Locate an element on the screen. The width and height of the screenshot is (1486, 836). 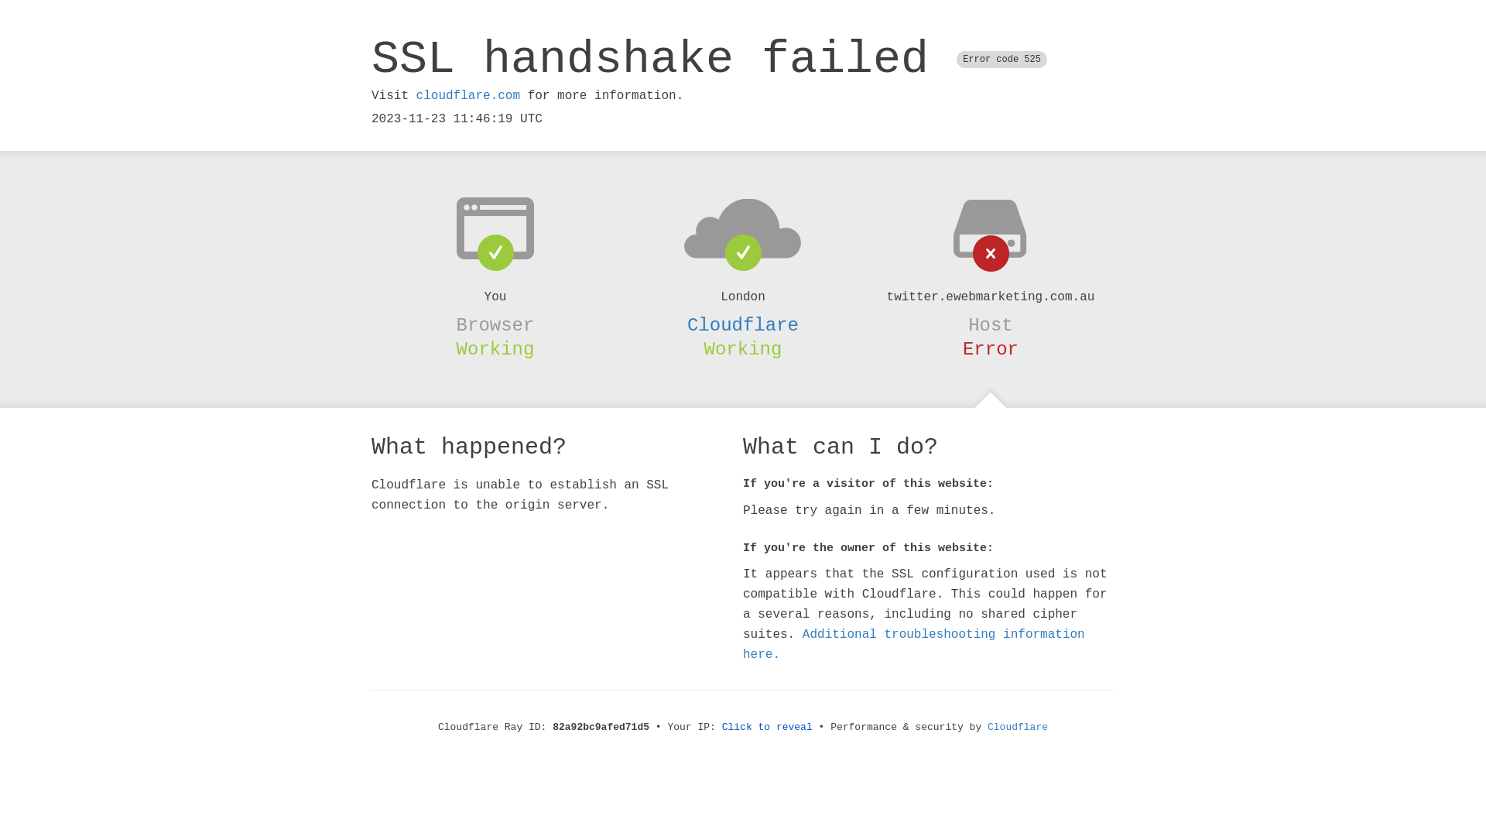
'Click to reveal' is located at coordinates (767, 727).